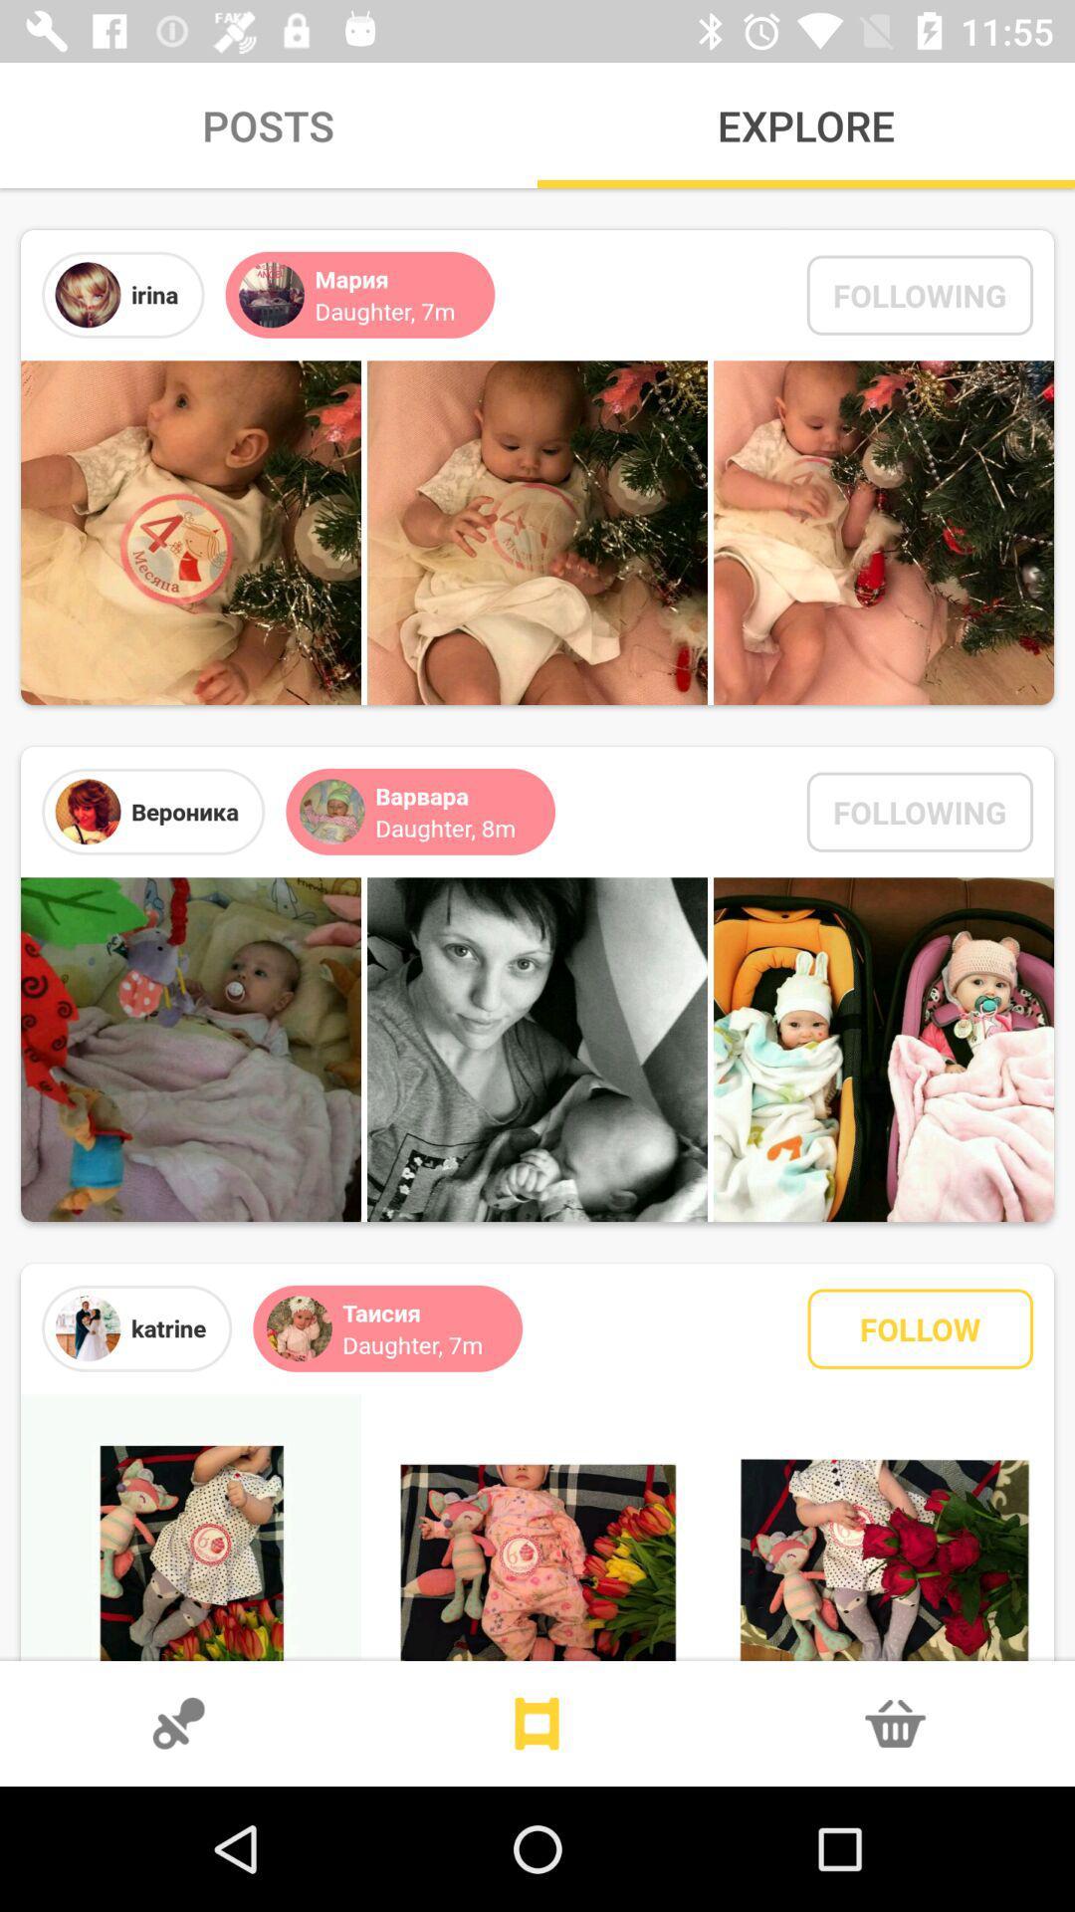 The image size is (1075, 1912). Describe the element at coordinates (894, 1723) in the screenshot. I see `shop for pictured items` at that location.